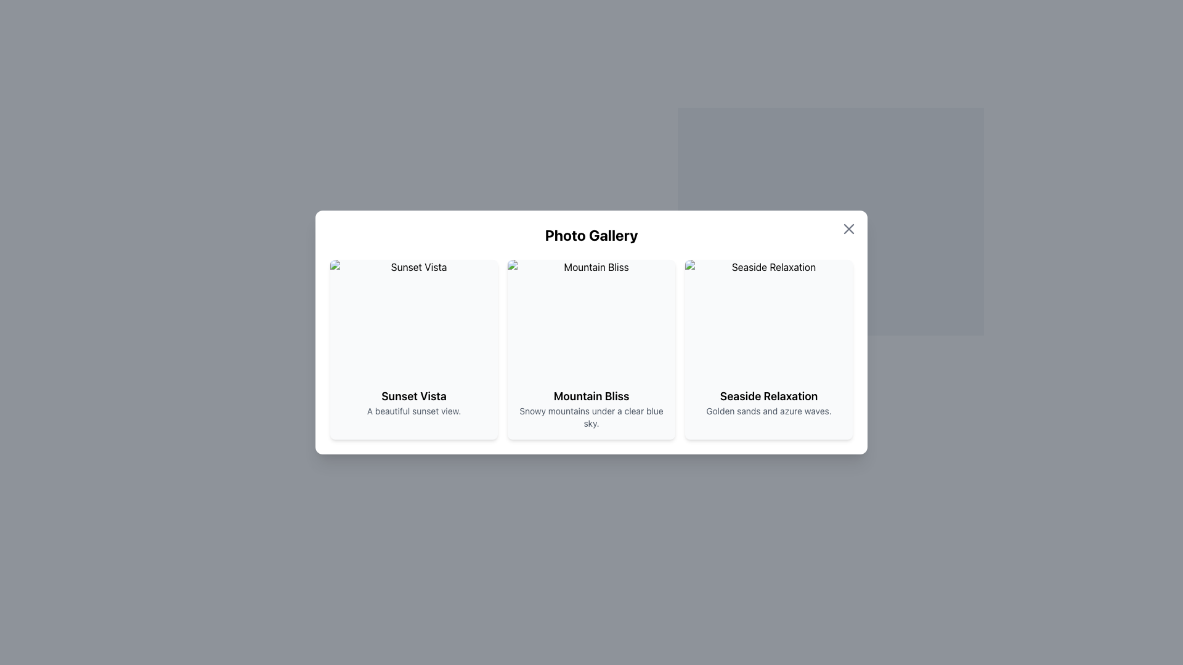 The height and width of the screenshot is (665, 1183). Describe the element at coordinates (414, 318) in the screenshot. I see `the image display area for the 'Sunset Vista' entry in the photo gallery, located at the top part of a card in the leftmost position of the modal titled 'Photo Gallery'` at that location.